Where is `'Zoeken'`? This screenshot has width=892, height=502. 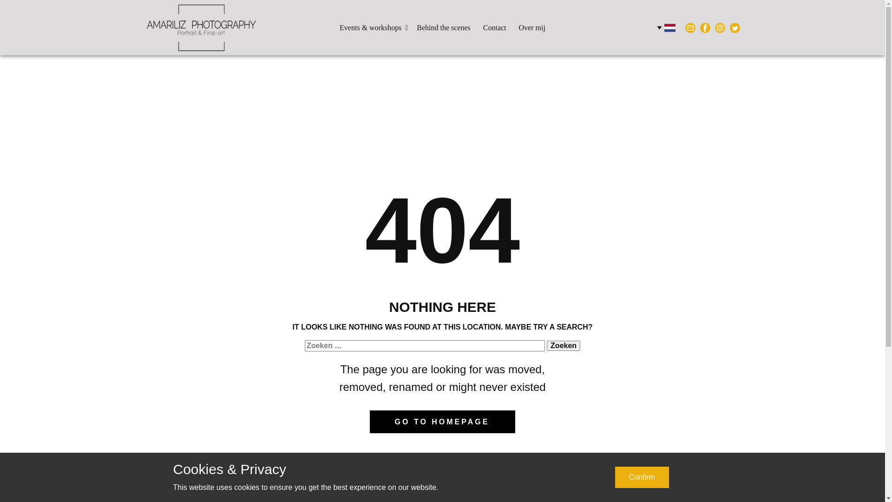 'Zoeken' is located at coordinates (563, 346).